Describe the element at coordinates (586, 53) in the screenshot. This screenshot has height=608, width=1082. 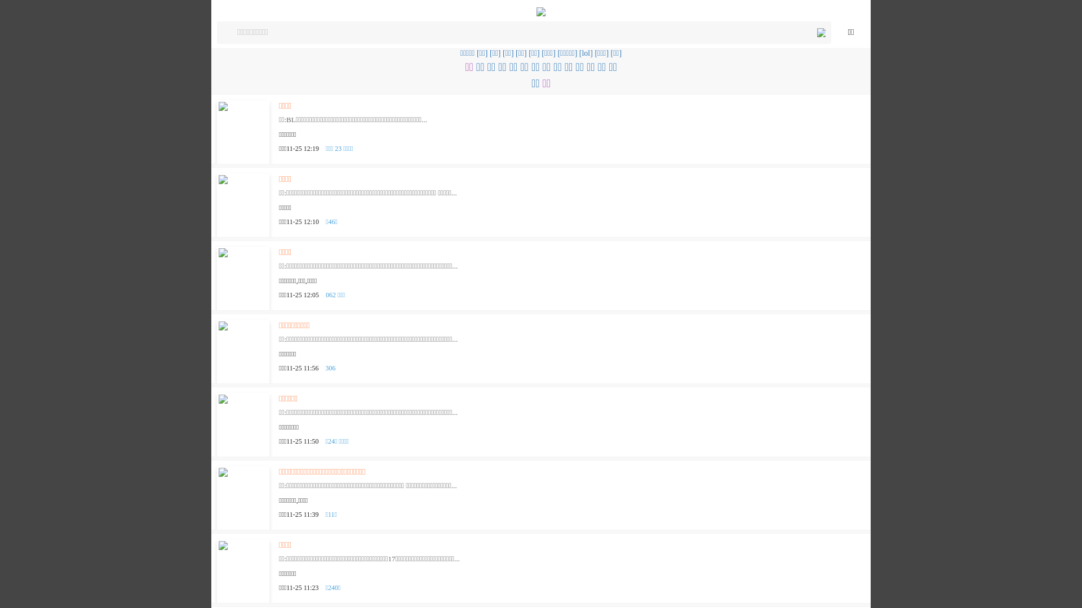
I see `'[lol]'` at that location.